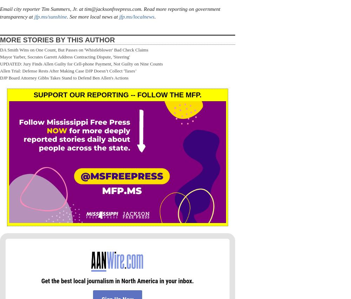  I want to click on '.', so click(154, 16).